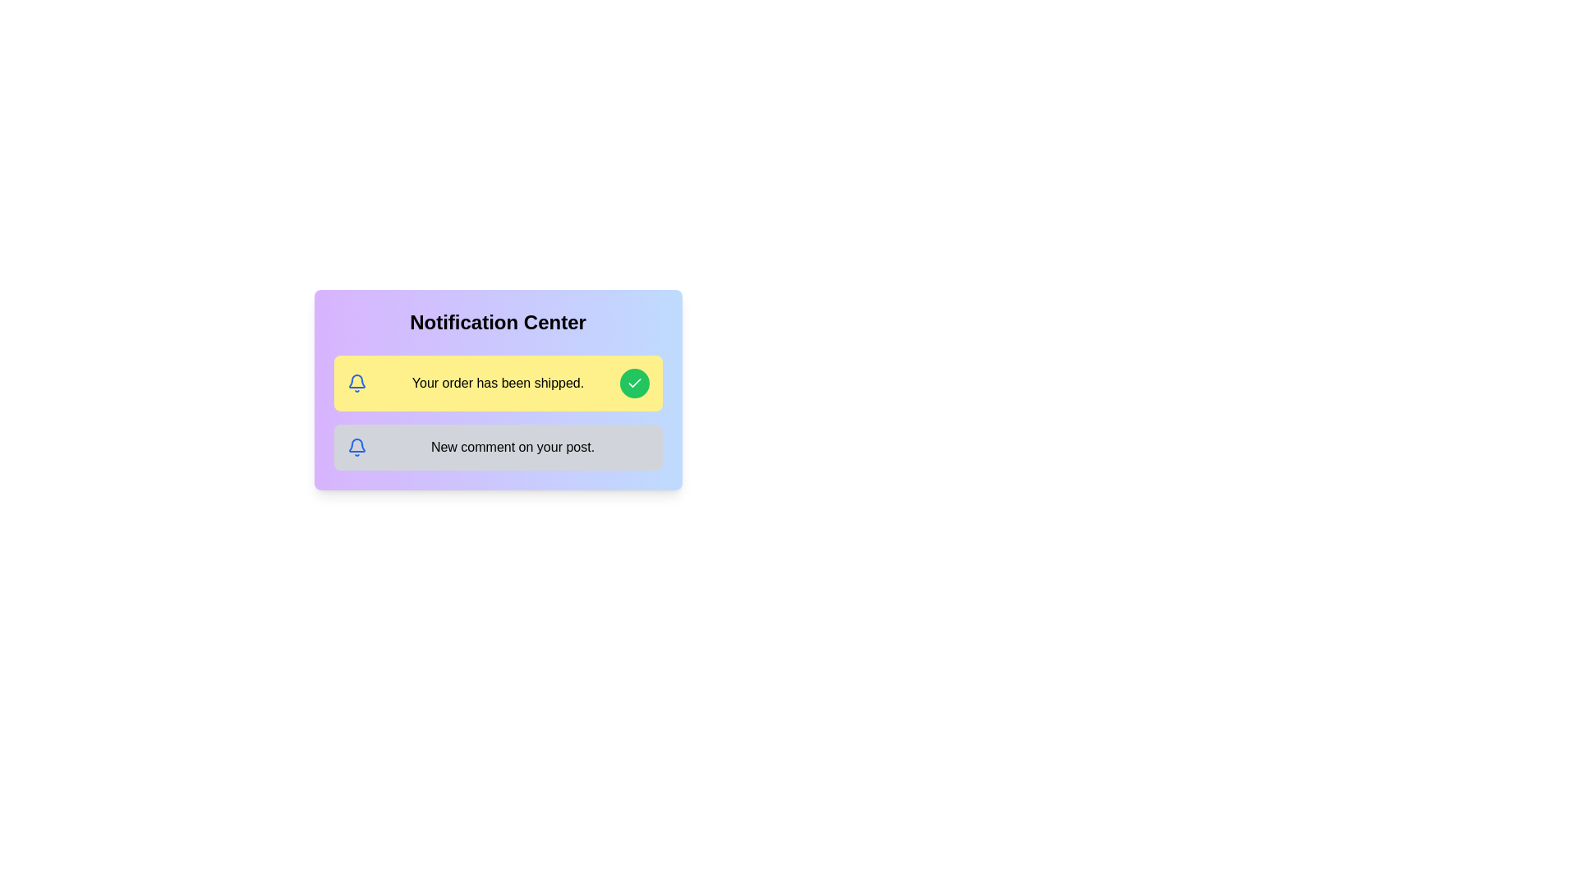  I want to click on the visual styling of the checkmark icon located inside the circular green button to the right of the notification text reading 'Your order has been shipped.', so click(633, 383).